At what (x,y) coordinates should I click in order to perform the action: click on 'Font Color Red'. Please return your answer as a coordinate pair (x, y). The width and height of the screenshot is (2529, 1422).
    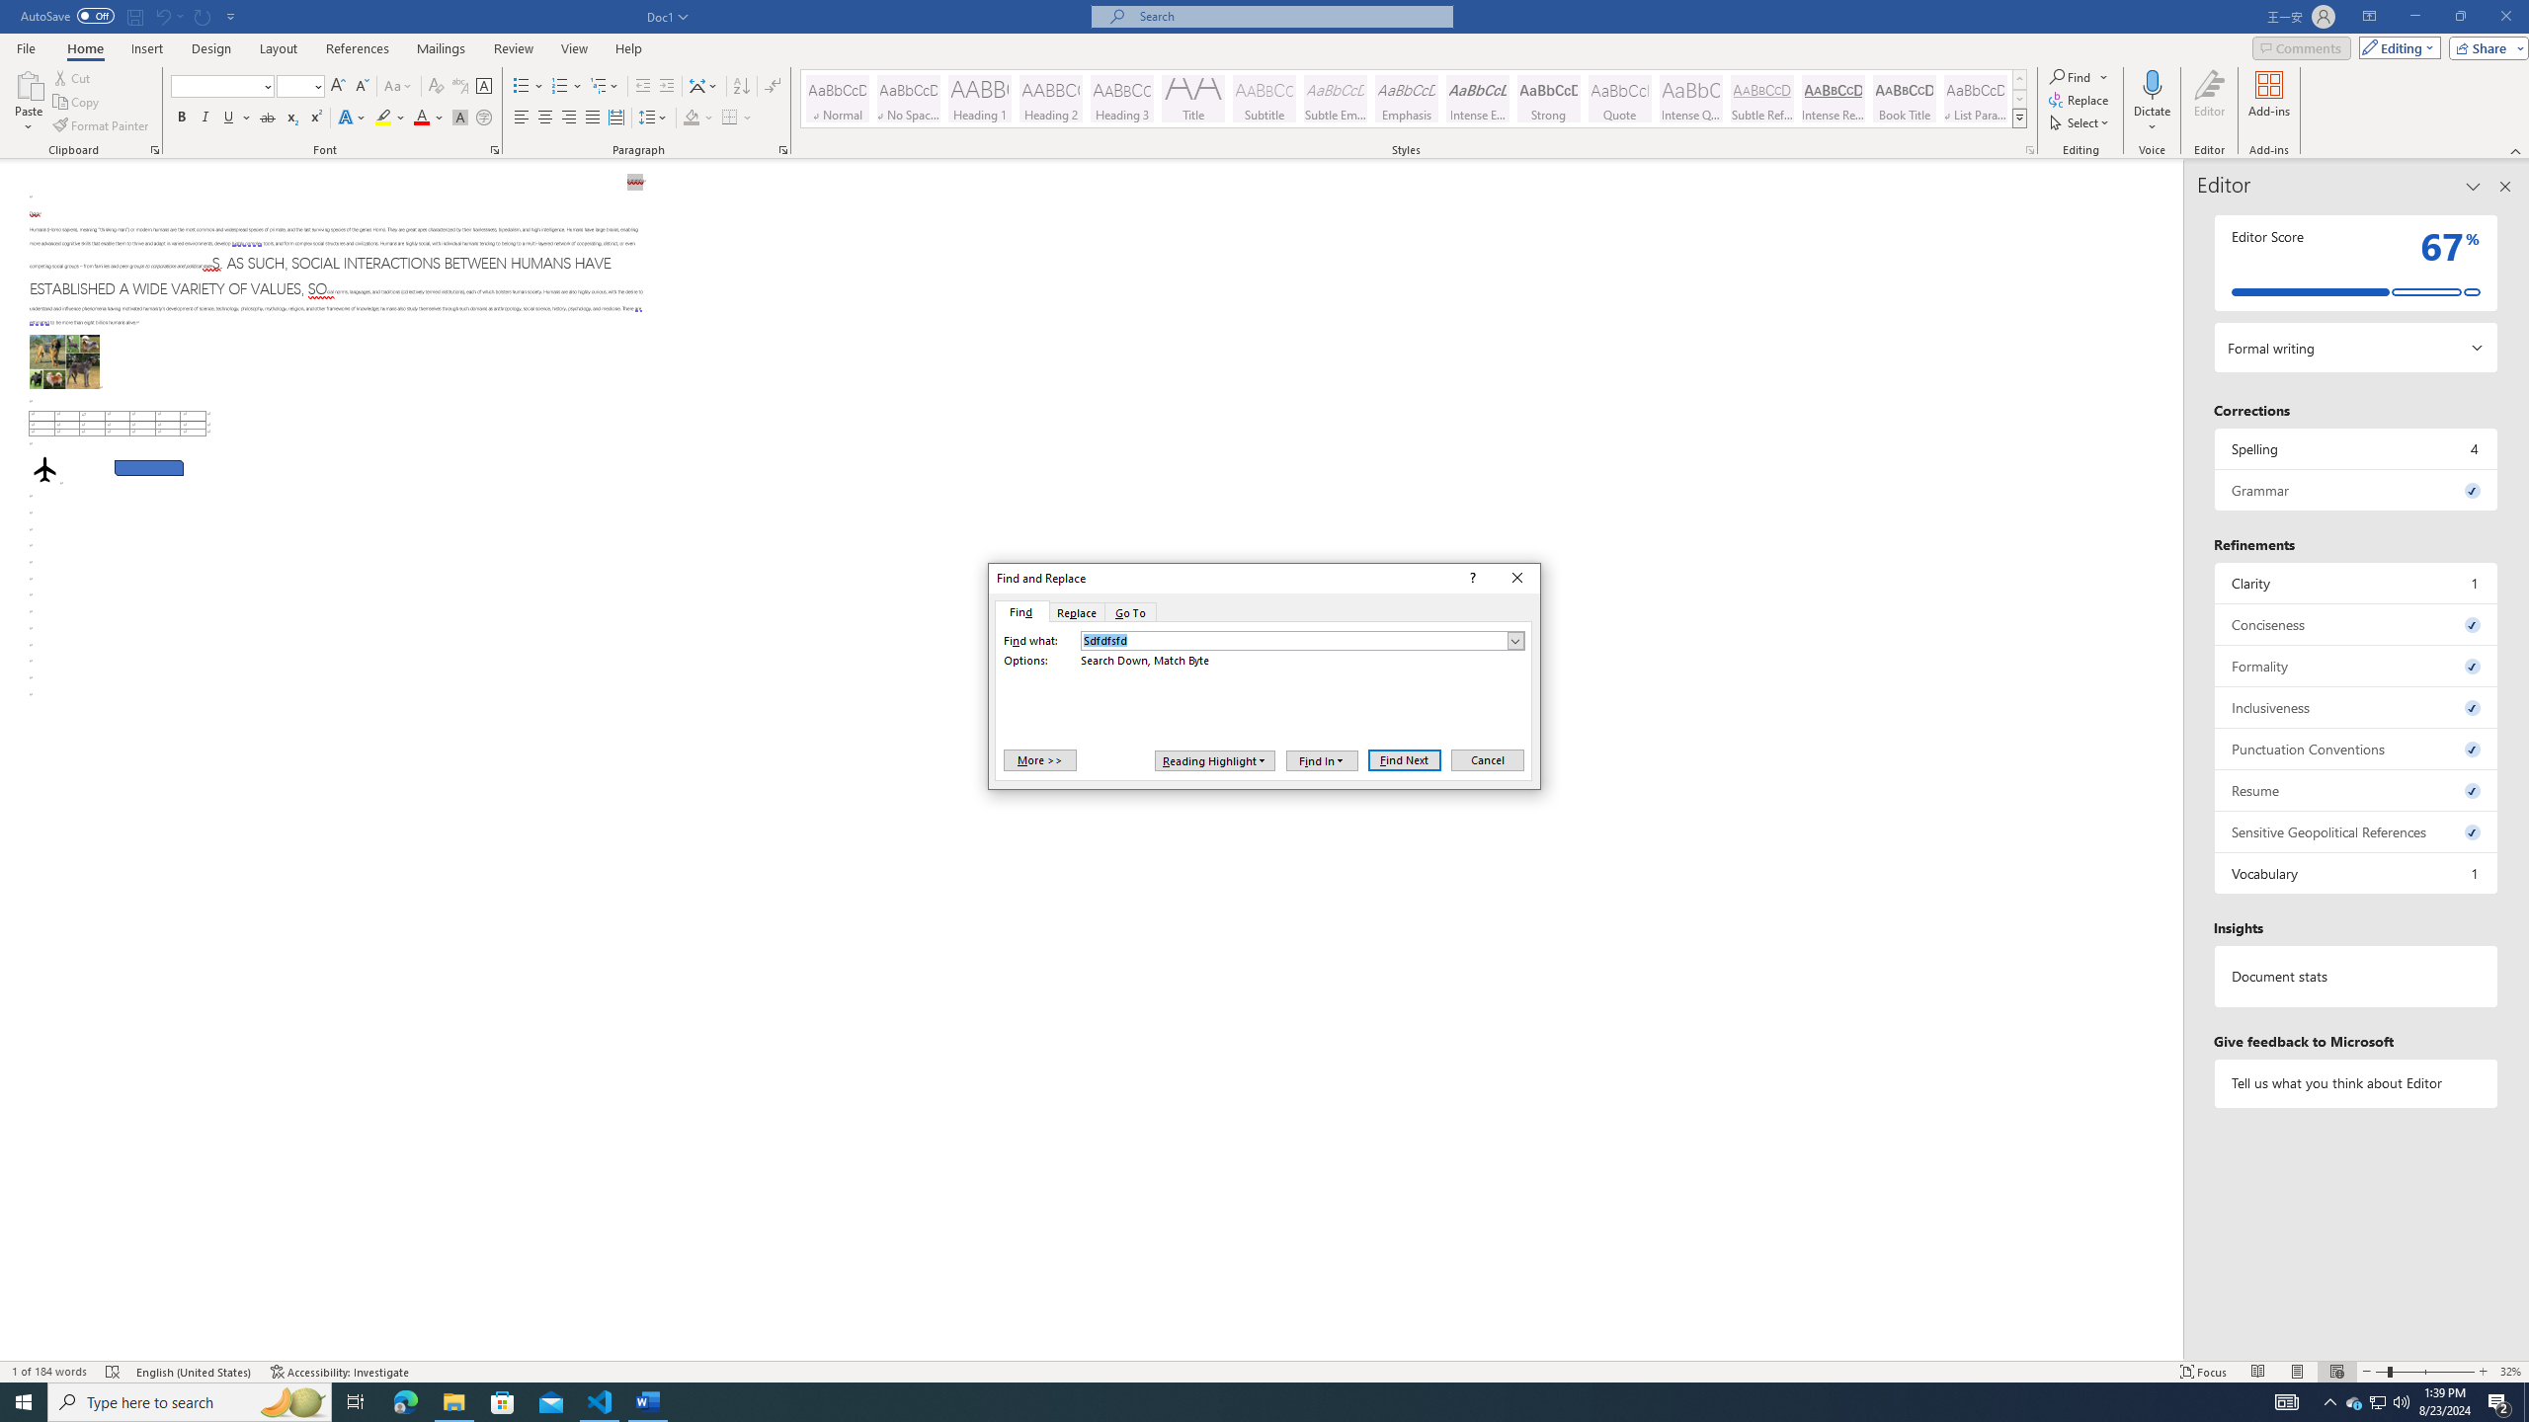
    Looking at the image, I should click on (420, 117).